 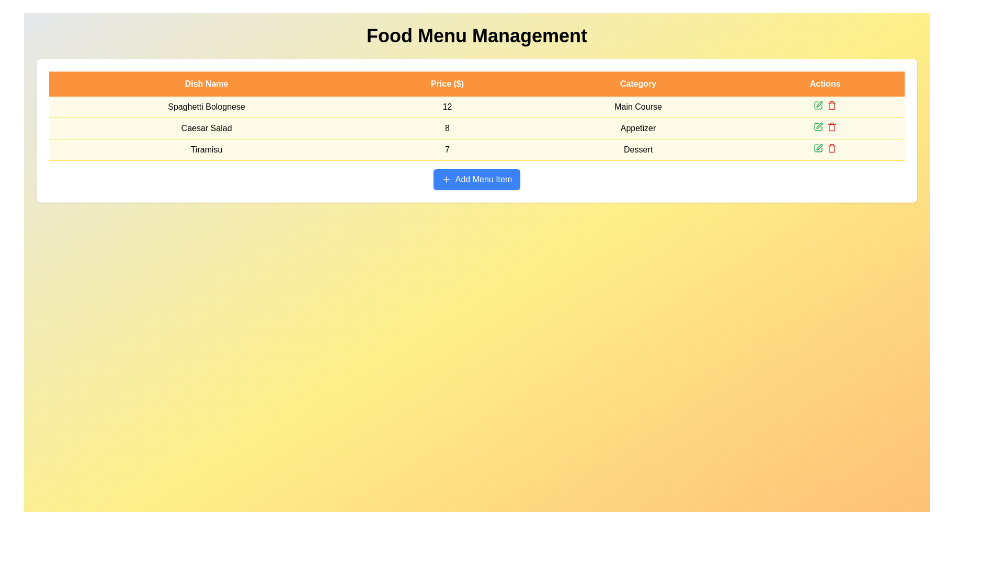 What do you see at coordinates (447, 107) in the screenshot?
I see `the numerical text display showing the value '12' in the 'Price ($)' column of the first row of the table, which is styled with padding and a light yellow background` at bounding box center [447, 107].